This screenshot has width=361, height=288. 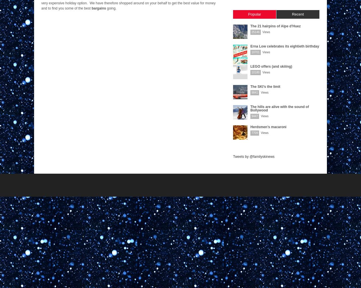 I want to click on '9841', so click(x=255, y=92).